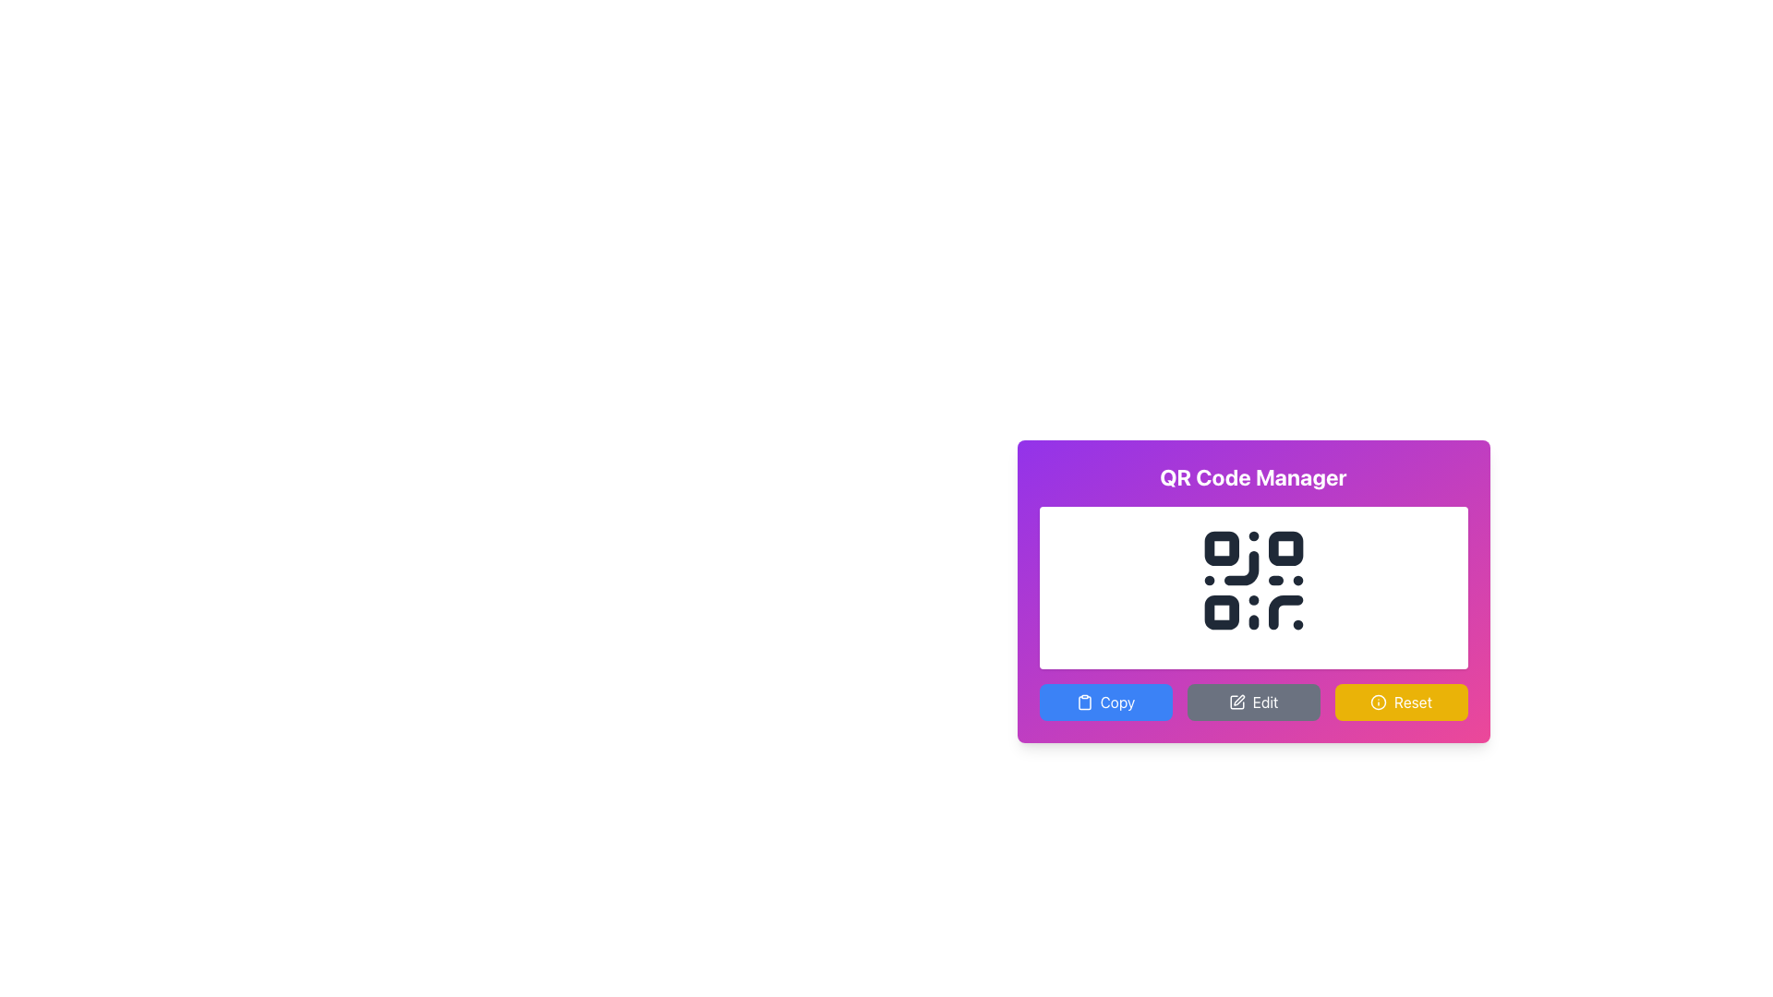 The height and width of the screenshot is (997, 1773). Describe the element at coordinates (1285, 612) in the screenshot. I see `the U-shaped black line component of the QR code graphic within the 'QR Code Manager' widget` at that location.